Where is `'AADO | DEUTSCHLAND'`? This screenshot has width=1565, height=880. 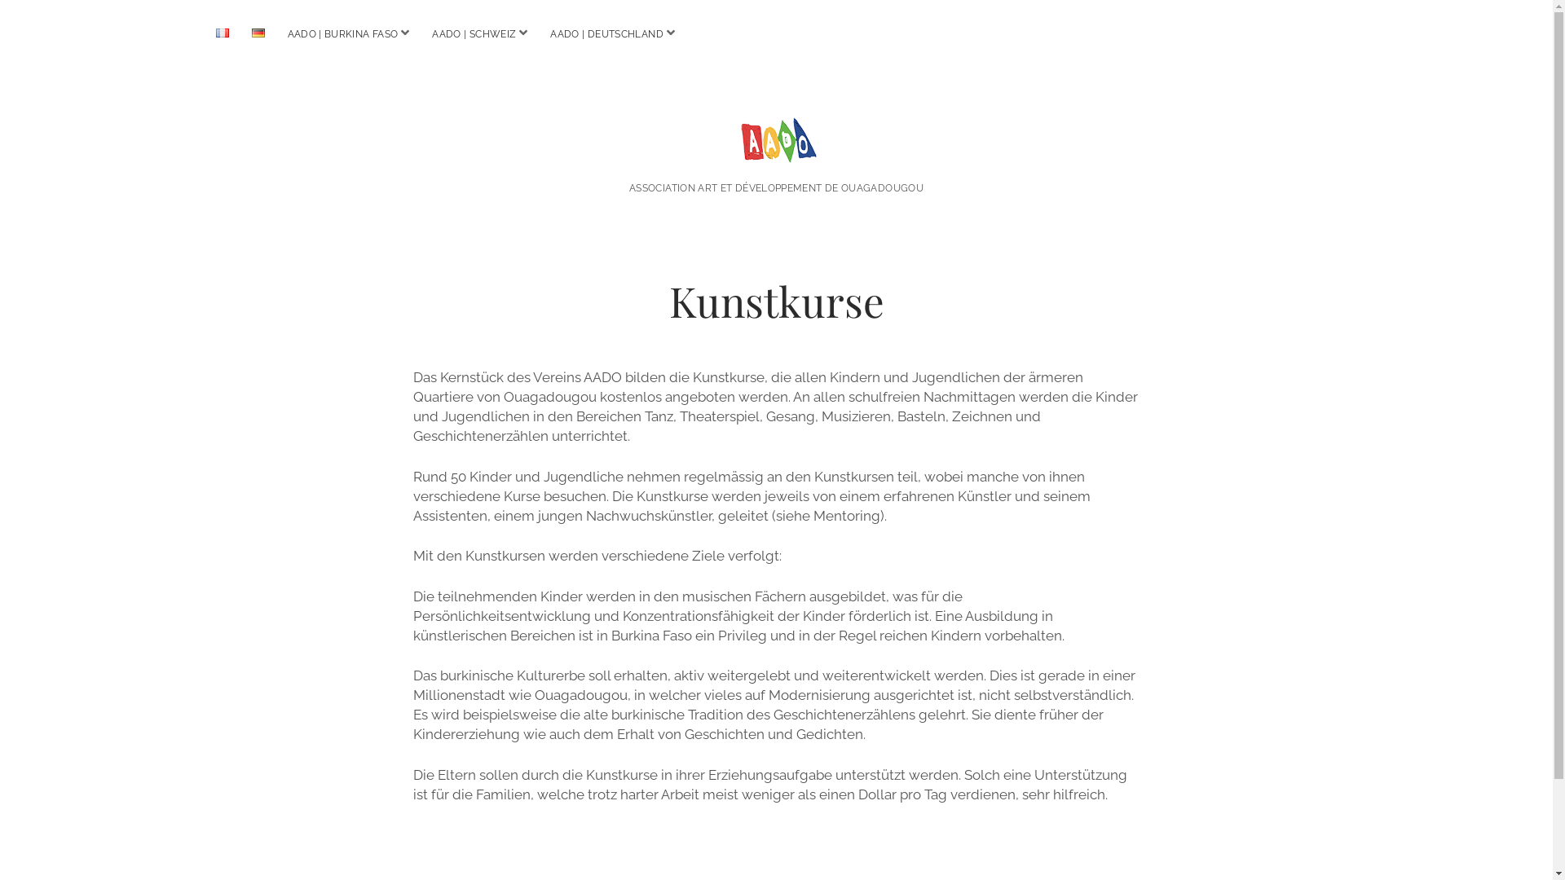 'AADO | DEUTSCHLAND' is located at coordinates (606, 34).